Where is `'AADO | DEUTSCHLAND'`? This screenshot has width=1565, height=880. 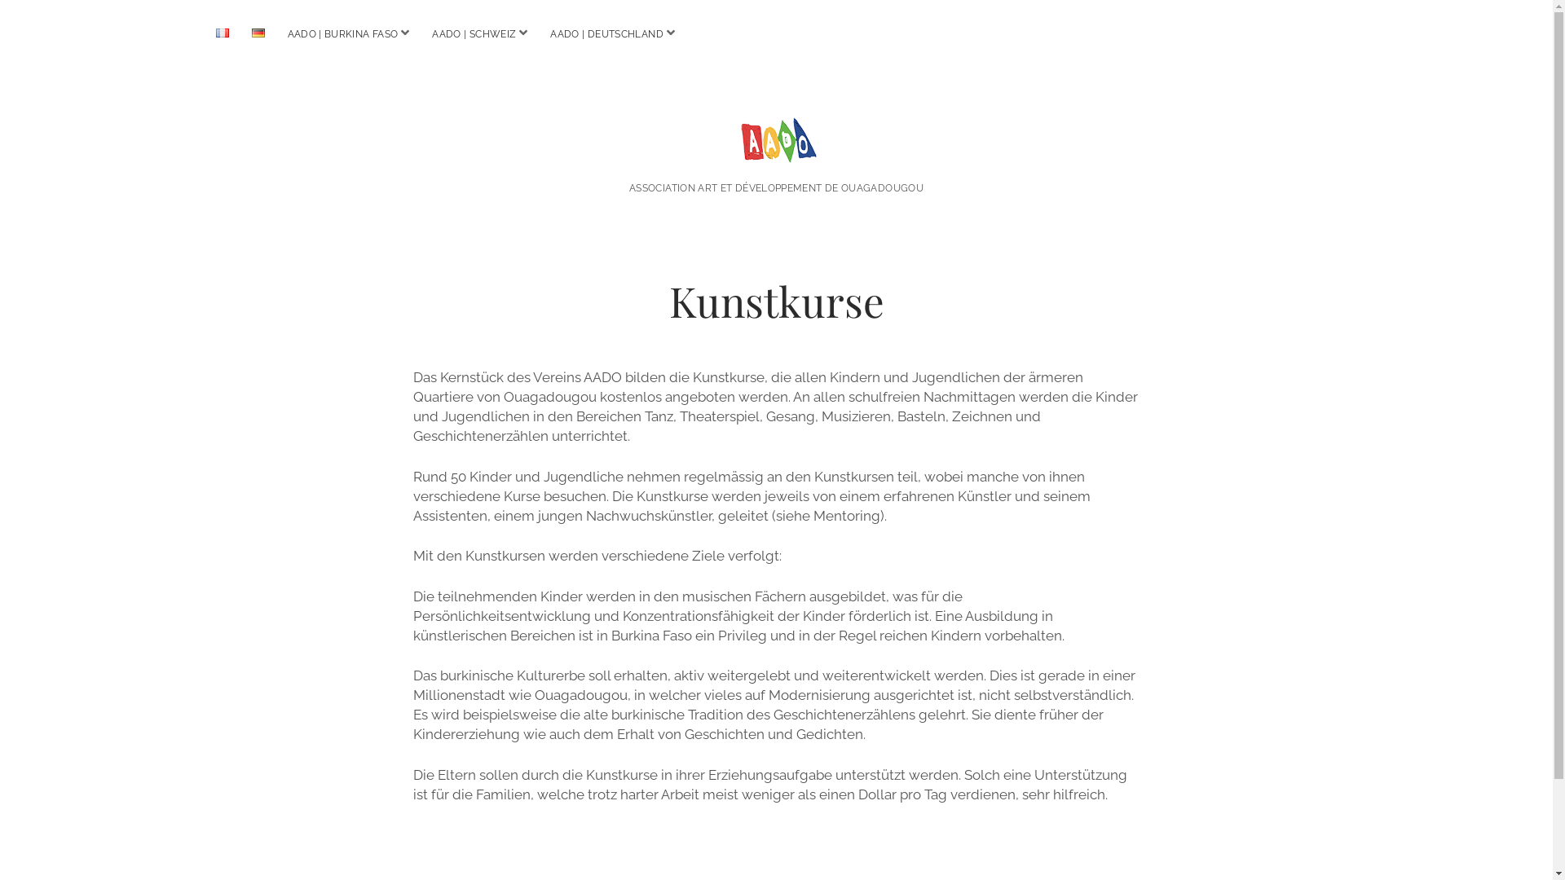 'AADO | DEUTSCHLAND' is located at coordinates (606, 34).